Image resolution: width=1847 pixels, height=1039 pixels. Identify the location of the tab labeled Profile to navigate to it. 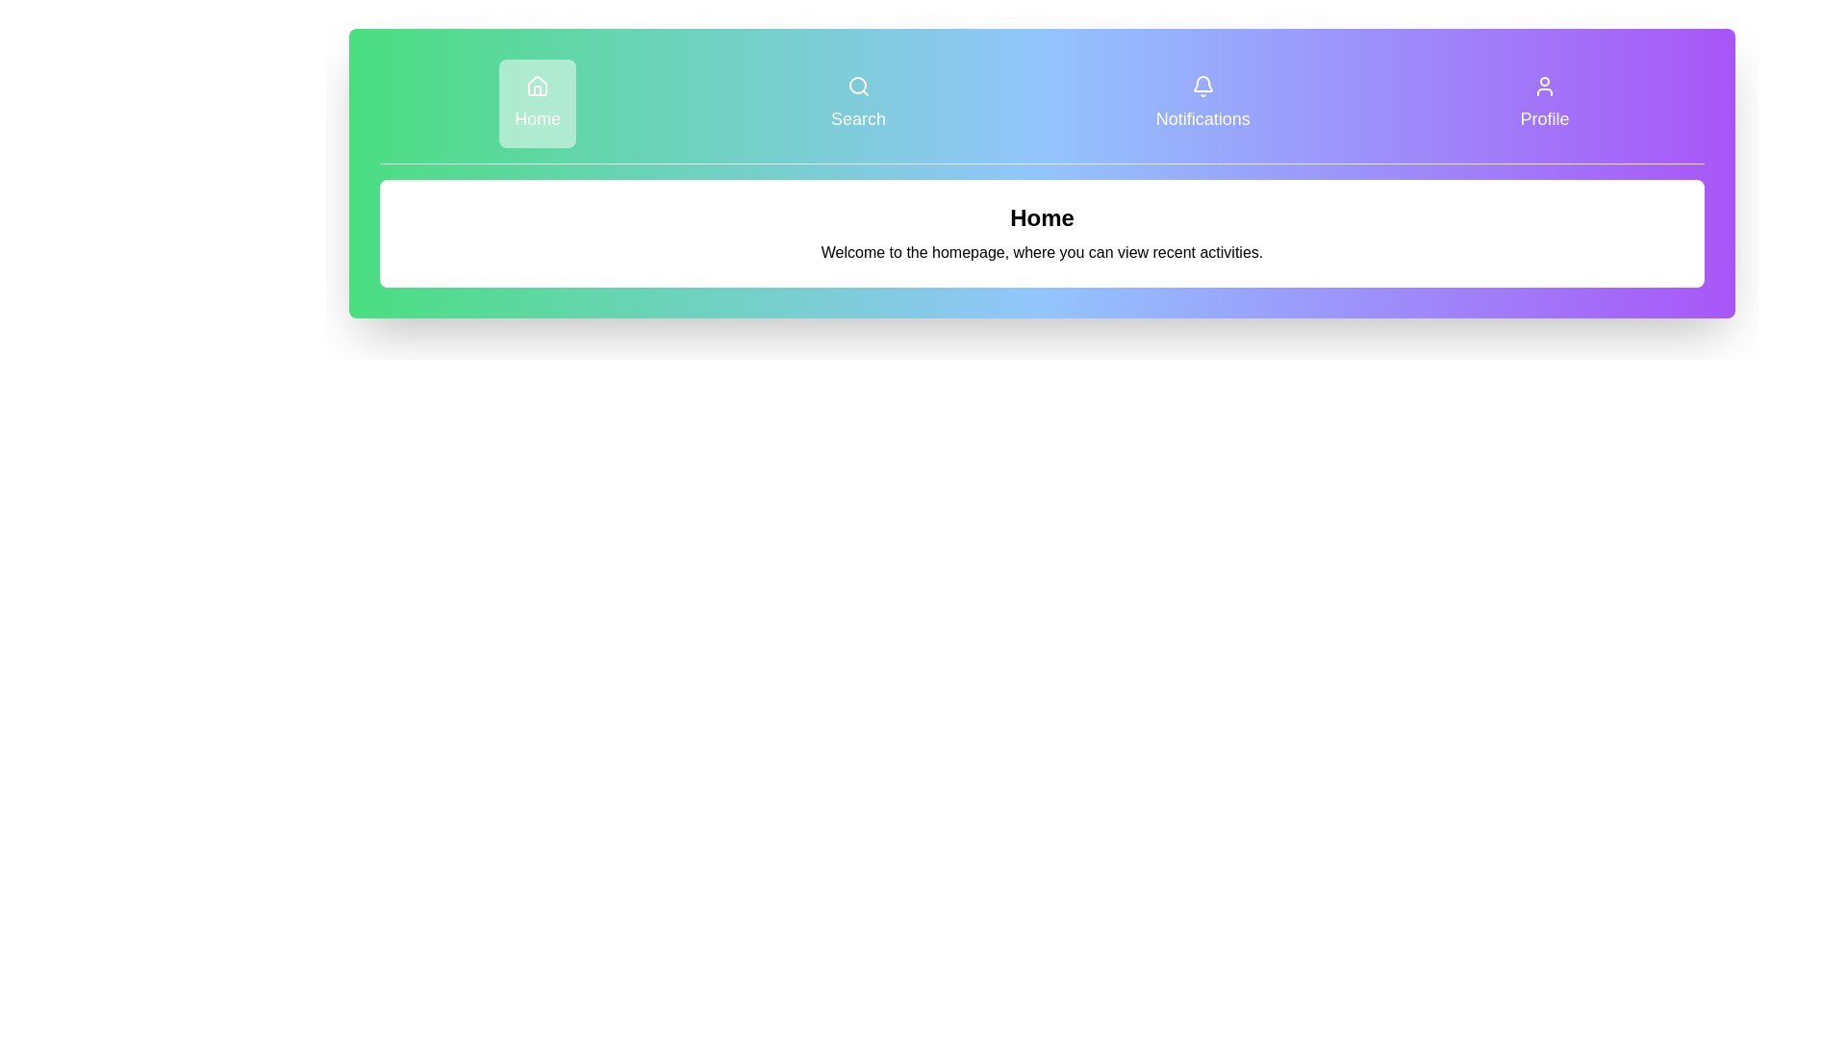
(1545, 104).